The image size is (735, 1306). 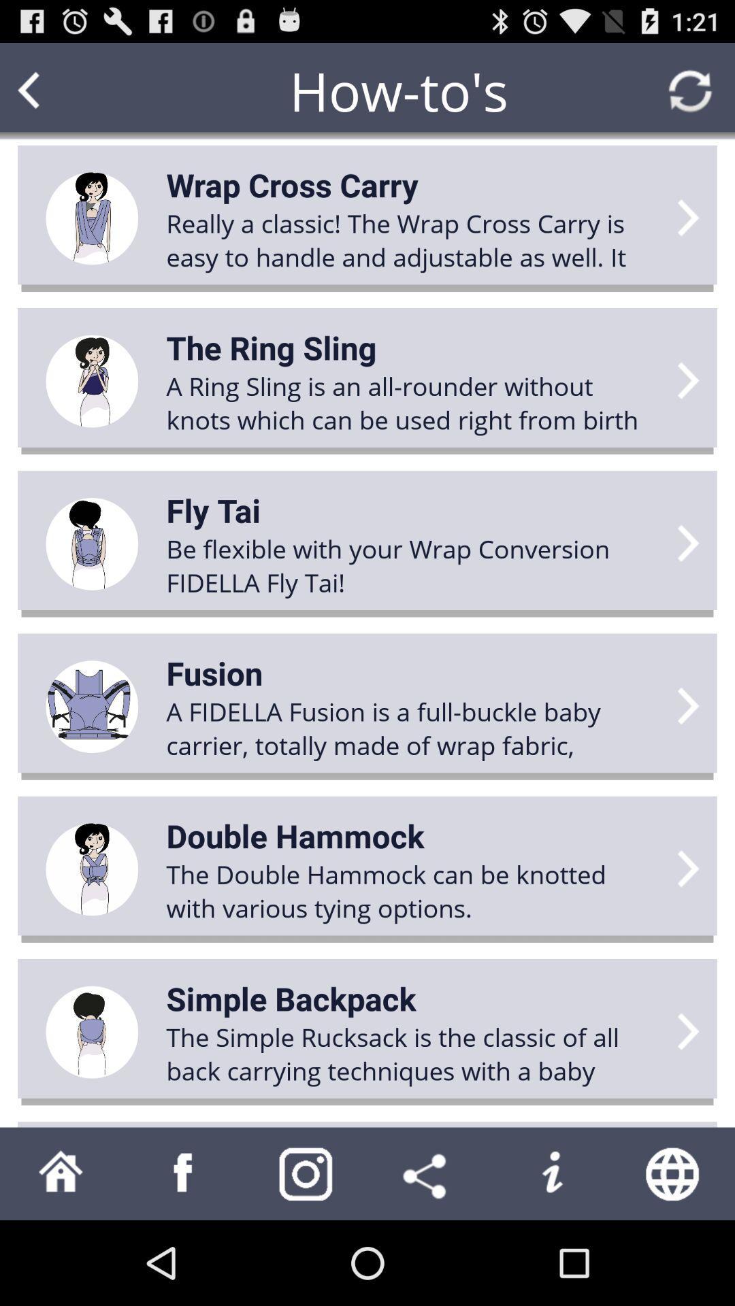 What do you see at coordinates (291, 999) in the screenshot?
I see `simple backpack icon` at bounding box center [291, 999].